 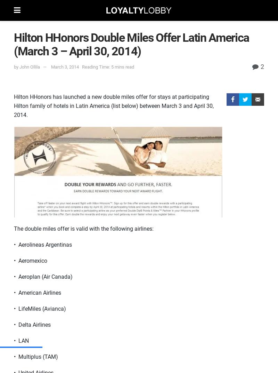 What do you see at coordinates (14, 325) in the screenshot?
I see `'•  Delta Airlines'` at bounding box center [14, 325].